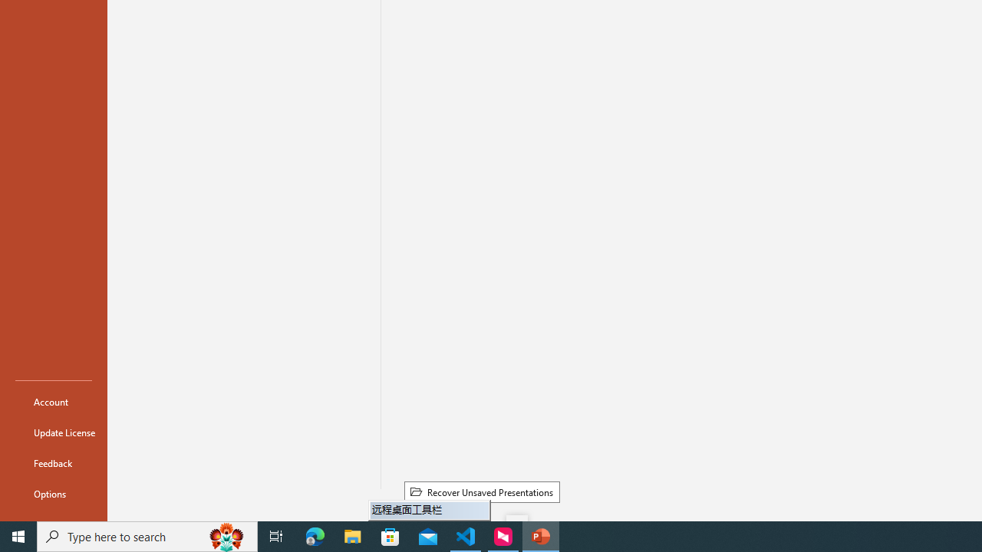 The width and height of the screenshot is (982, 552). I want to click on 'Feedback', so click(53, 462).